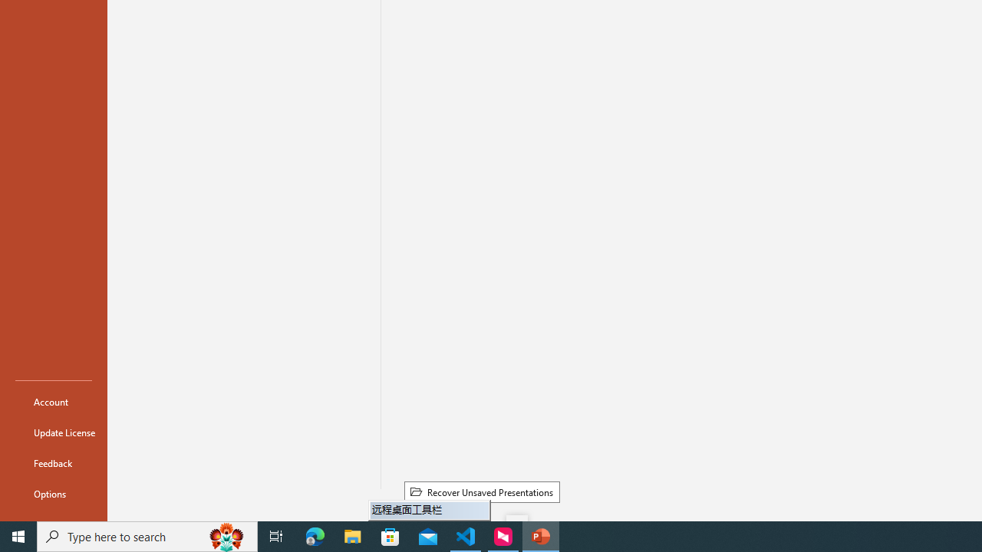 The width and height of the screenshot is (982, 552). I want to click on 'Feedback', so click(53, 462).